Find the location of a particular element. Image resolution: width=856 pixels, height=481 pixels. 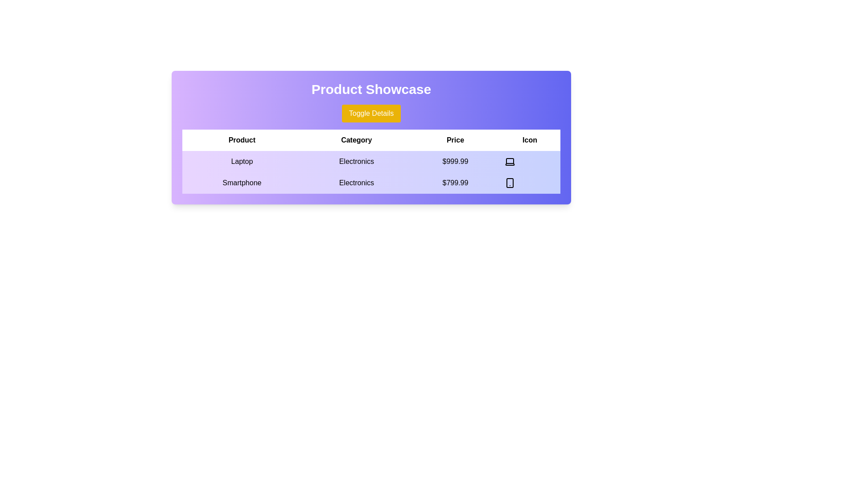

the 'Electronics' label that displays the text in black font against a gradient background, located between 'Laptop' and '$999.99' is located at coordinates (356, 161).